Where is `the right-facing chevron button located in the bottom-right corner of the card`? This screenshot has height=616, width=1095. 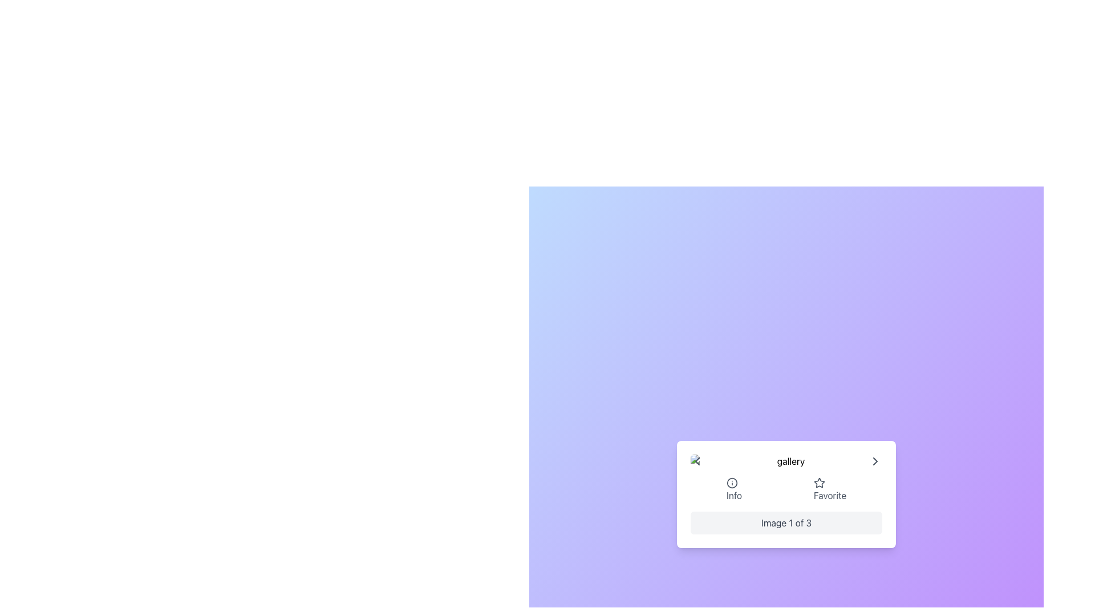
the right-facing chevron button located in the bottom-right corner of the card is located at coordinates (875, 461).